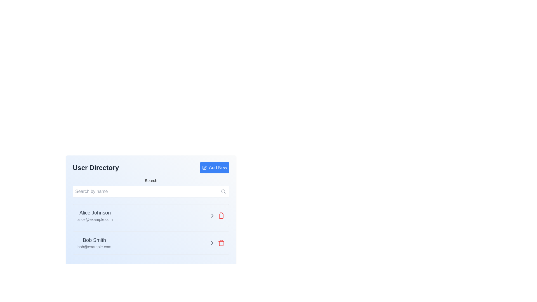 This screenshot has height=302, width=537. Describe the element at coordinates (95, 219) in the screenshot. I see `the text label 'alice@example.com', which is styled in a smaller gray font and positioned directly beneath 'Alice Johnson' in the user entry section` at that location.